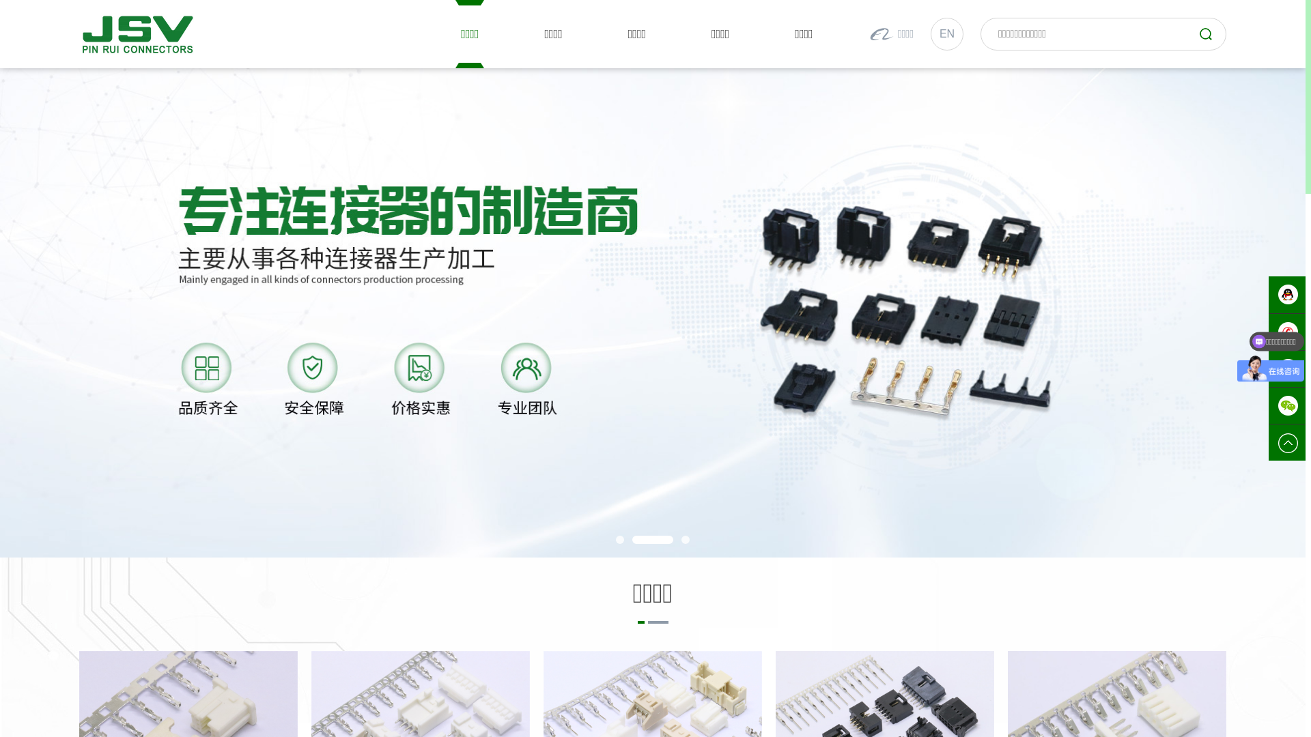 The width and height of the screenshot is (1311, 737). What do you see at coordinates (946, 33) in the screenshot?
I see `'EN'` at bounding box center [946, 33].